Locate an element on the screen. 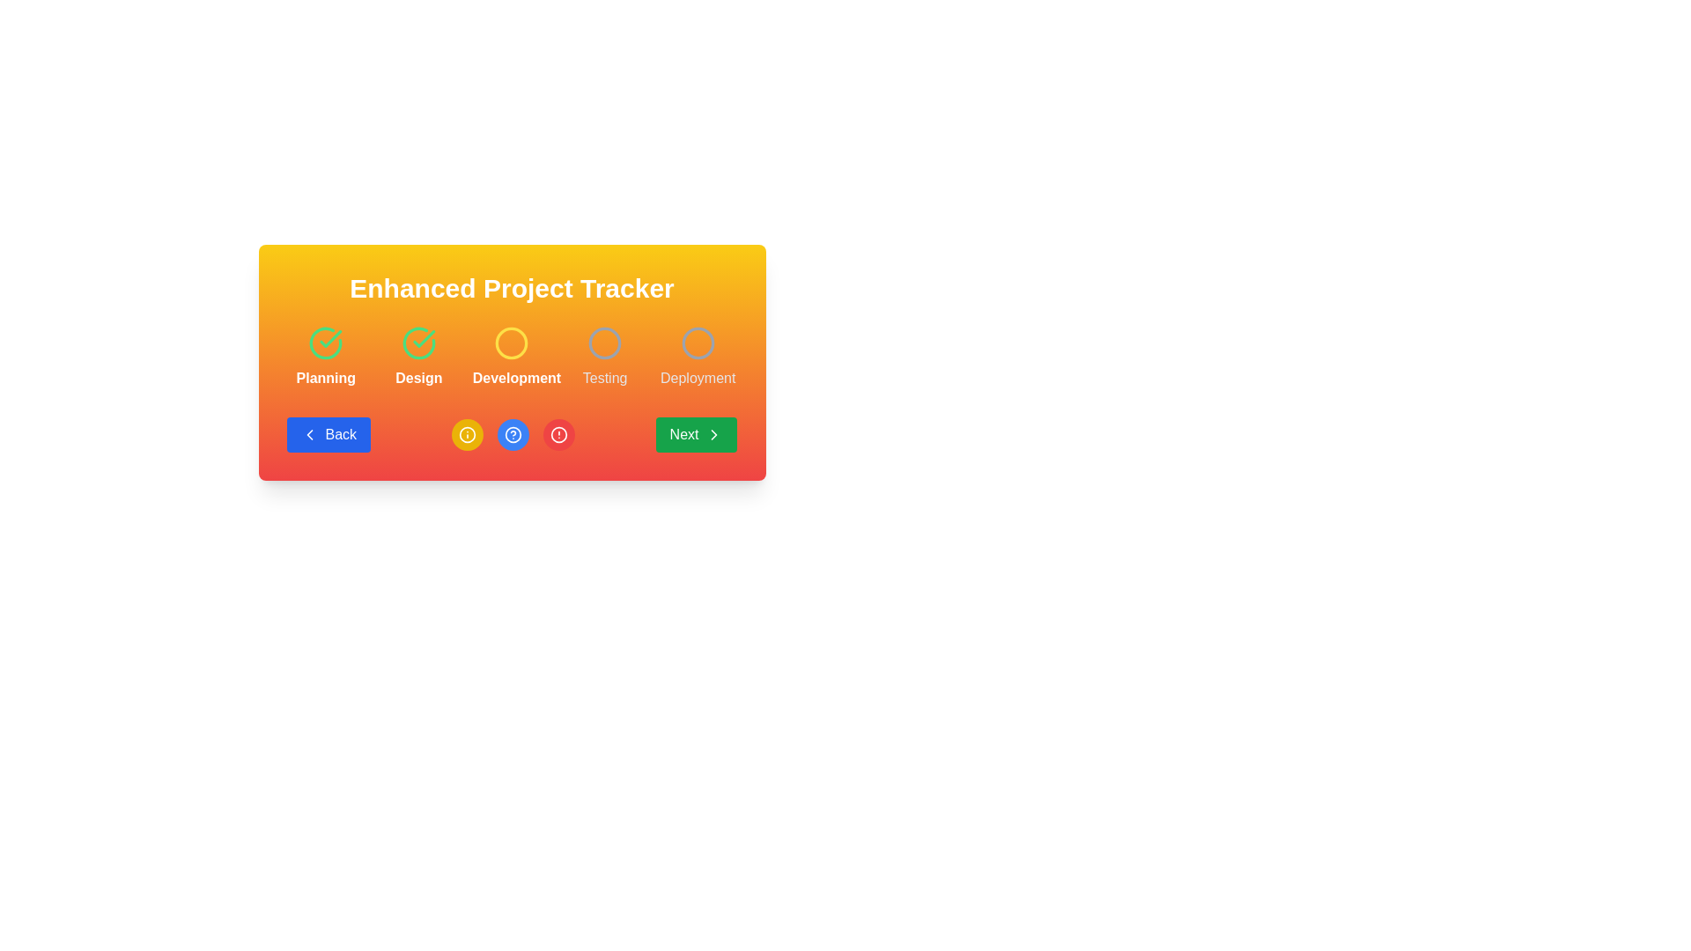 This screenshot has height=951, width=1691. the circular icon button with a blue background and a white border that contains a question mark symbol, located centrally in the bottom row of the interface is located at coordinates (512, 434).